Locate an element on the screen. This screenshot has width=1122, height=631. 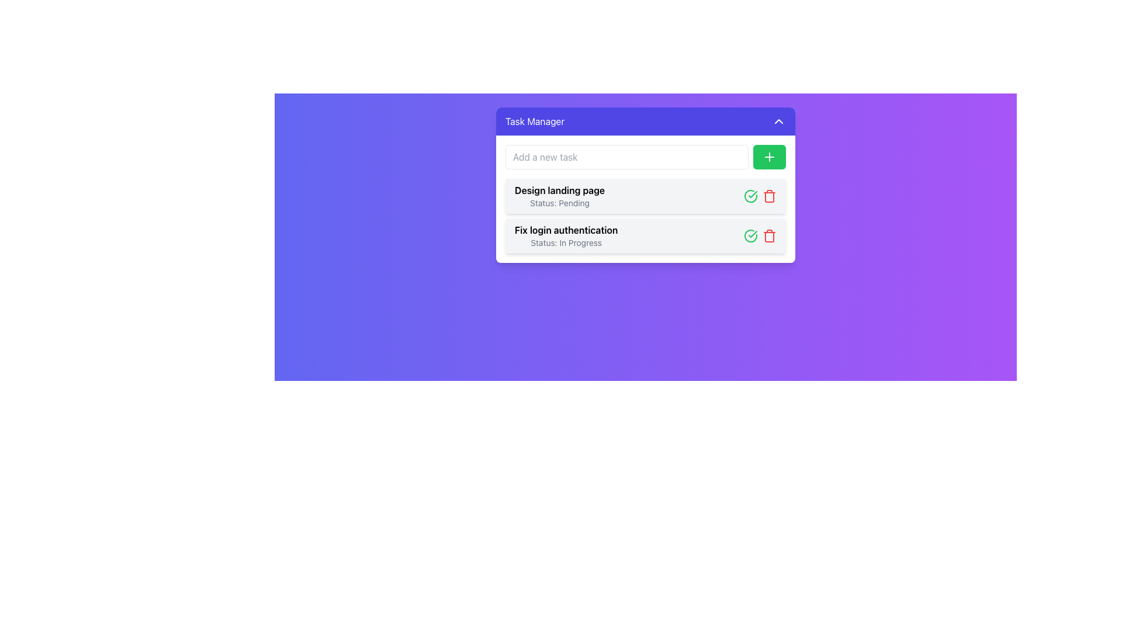
the trash can icon button, which is red and located in the second task row of the task manager list is located at coordinates (769, 236).